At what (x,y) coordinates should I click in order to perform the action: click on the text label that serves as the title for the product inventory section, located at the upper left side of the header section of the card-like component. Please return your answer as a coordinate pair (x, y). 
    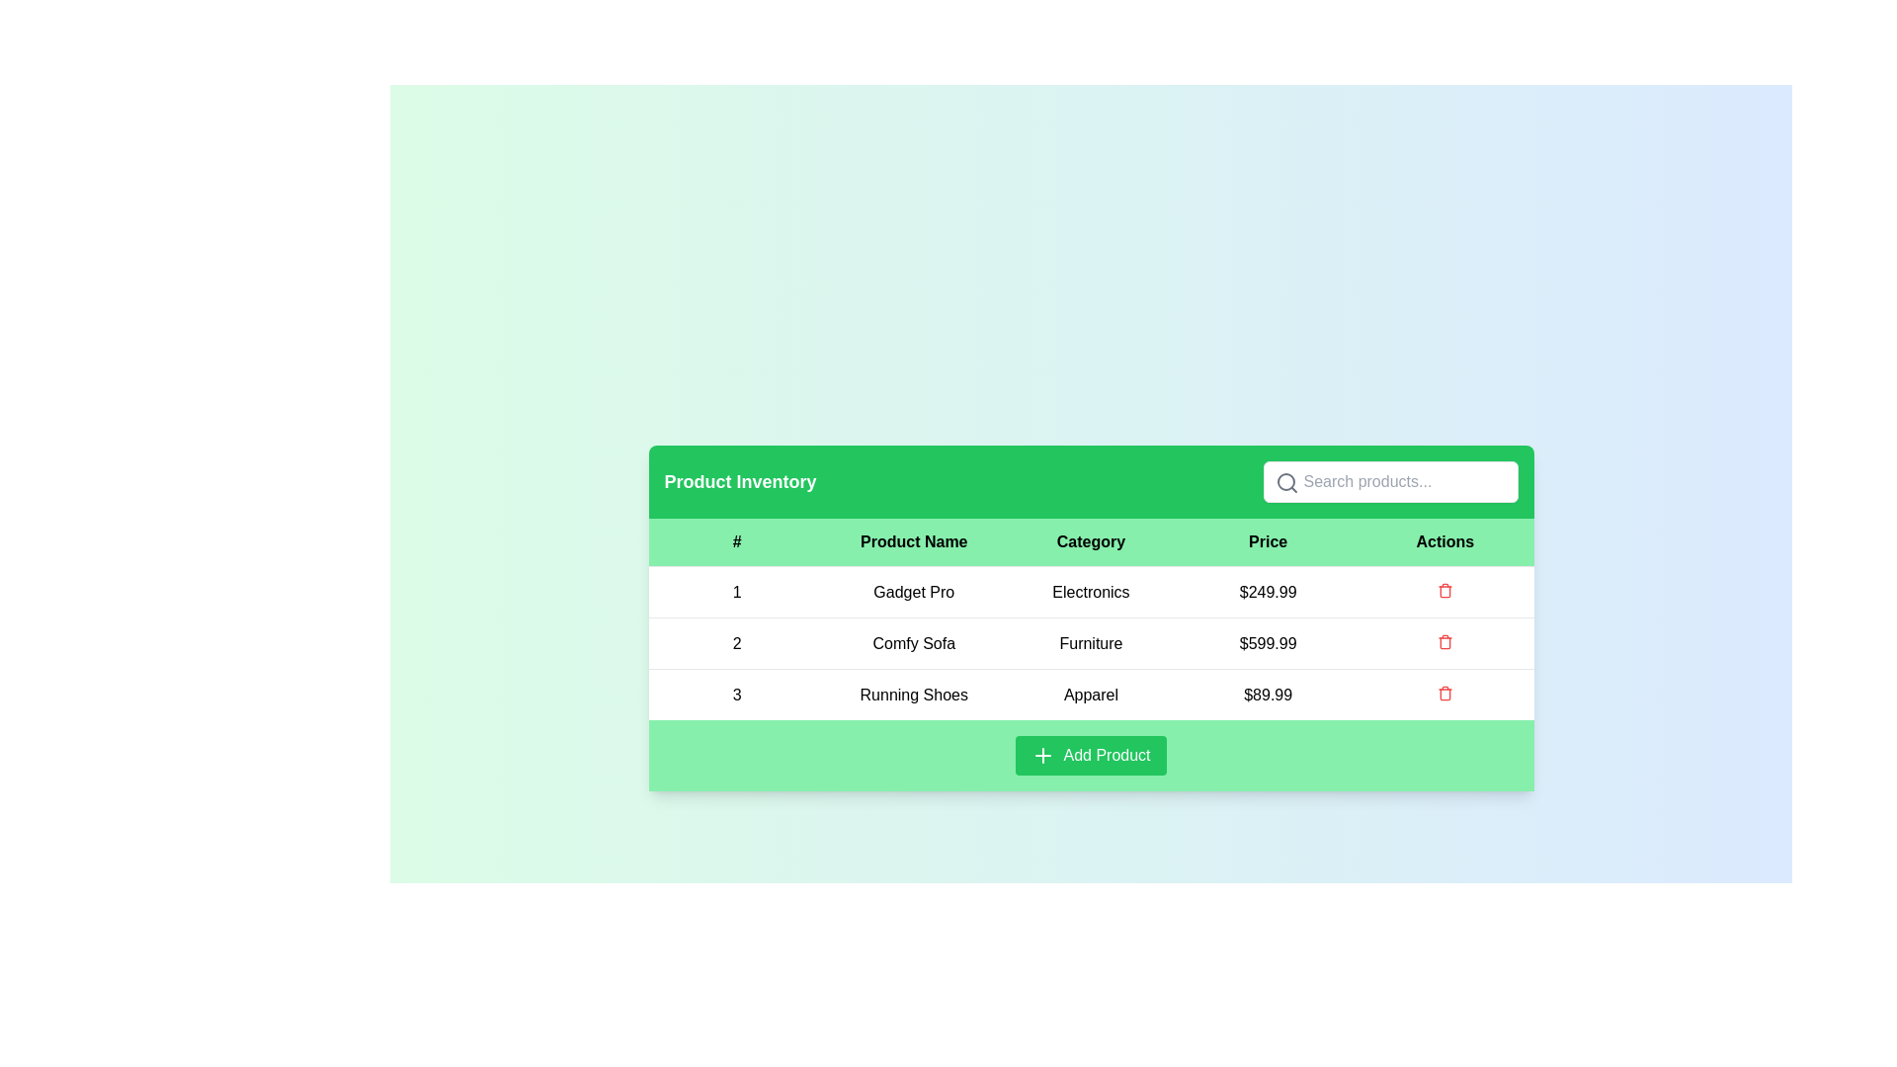
    Looking at the image, I should click on (739, 482).